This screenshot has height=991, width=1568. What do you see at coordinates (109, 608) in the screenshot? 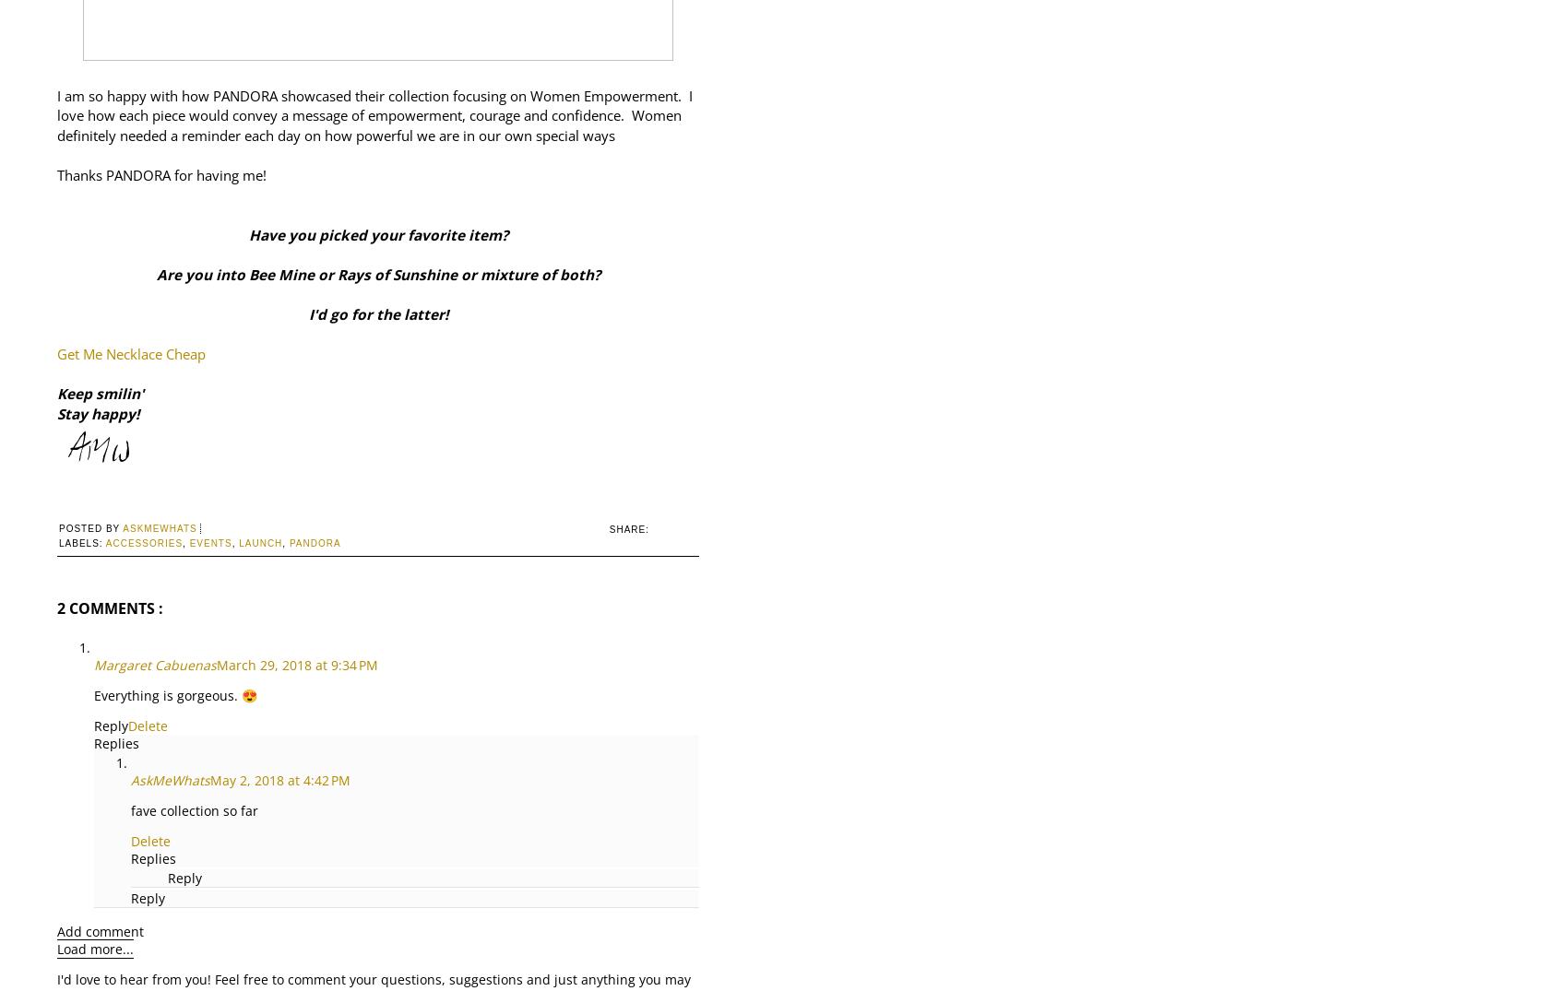
I see `'2 comments
                                    :'` at bounding box center [109, 608].